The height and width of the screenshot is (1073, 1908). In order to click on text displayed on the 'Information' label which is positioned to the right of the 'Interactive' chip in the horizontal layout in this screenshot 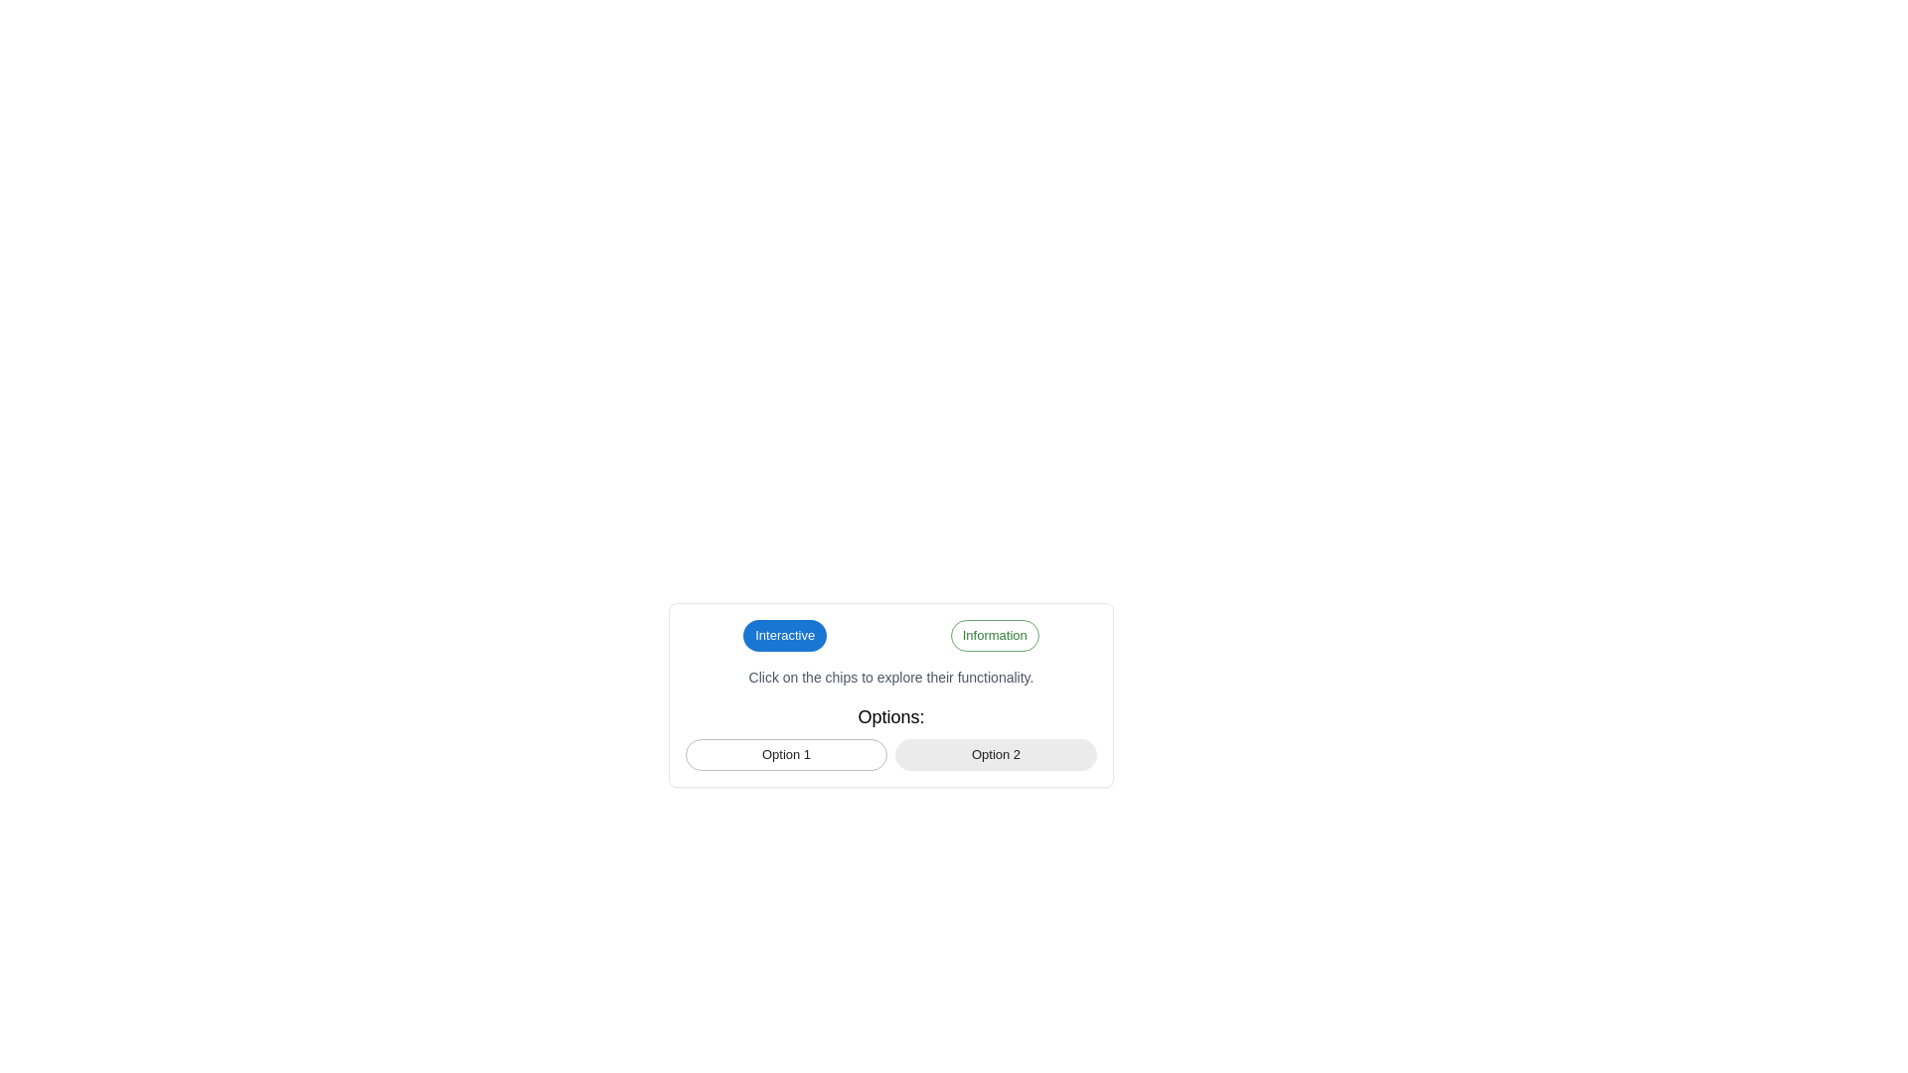, I will do `click(995, 636)`.